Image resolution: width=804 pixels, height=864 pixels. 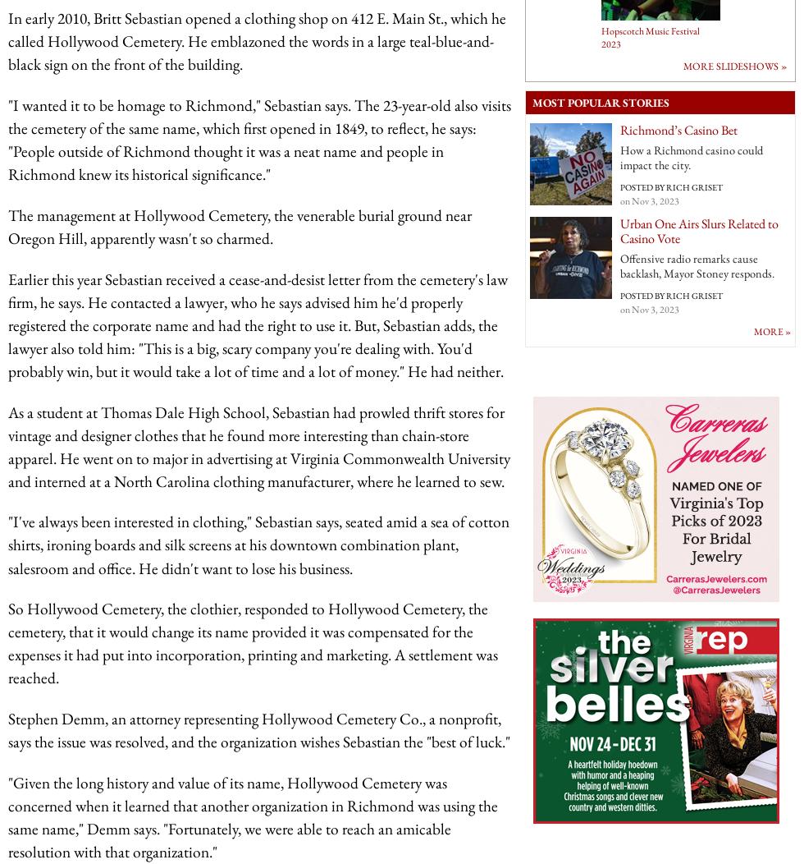 What do you see at coordinates (772, 330) in the screenshot?
I see `'More »'` at bounding box center [772, 330].